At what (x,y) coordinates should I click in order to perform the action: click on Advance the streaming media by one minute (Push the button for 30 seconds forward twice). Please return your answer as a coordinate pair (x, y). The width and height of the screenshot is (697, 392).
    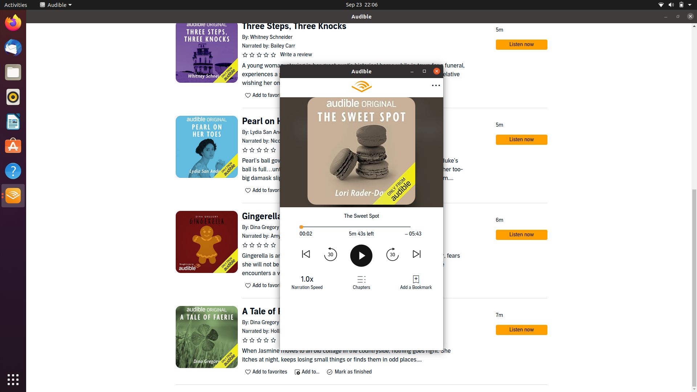
    Looking at the image, I should click on (392, 253).